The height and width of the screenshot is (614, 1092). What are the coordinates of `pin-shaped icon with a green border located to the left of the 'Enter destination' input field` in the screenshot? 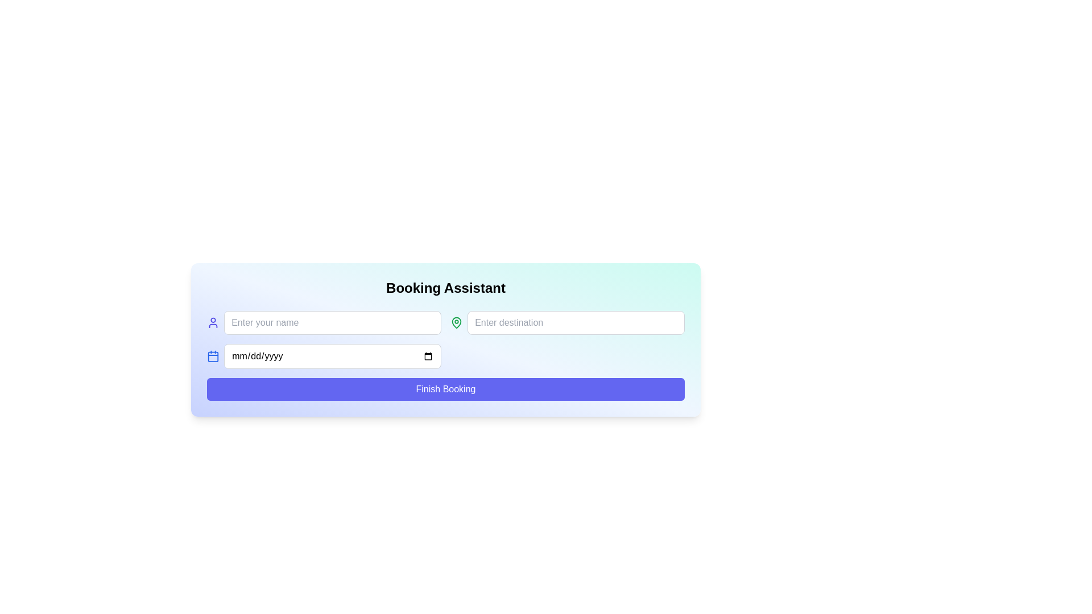 It's located at (457, 322).